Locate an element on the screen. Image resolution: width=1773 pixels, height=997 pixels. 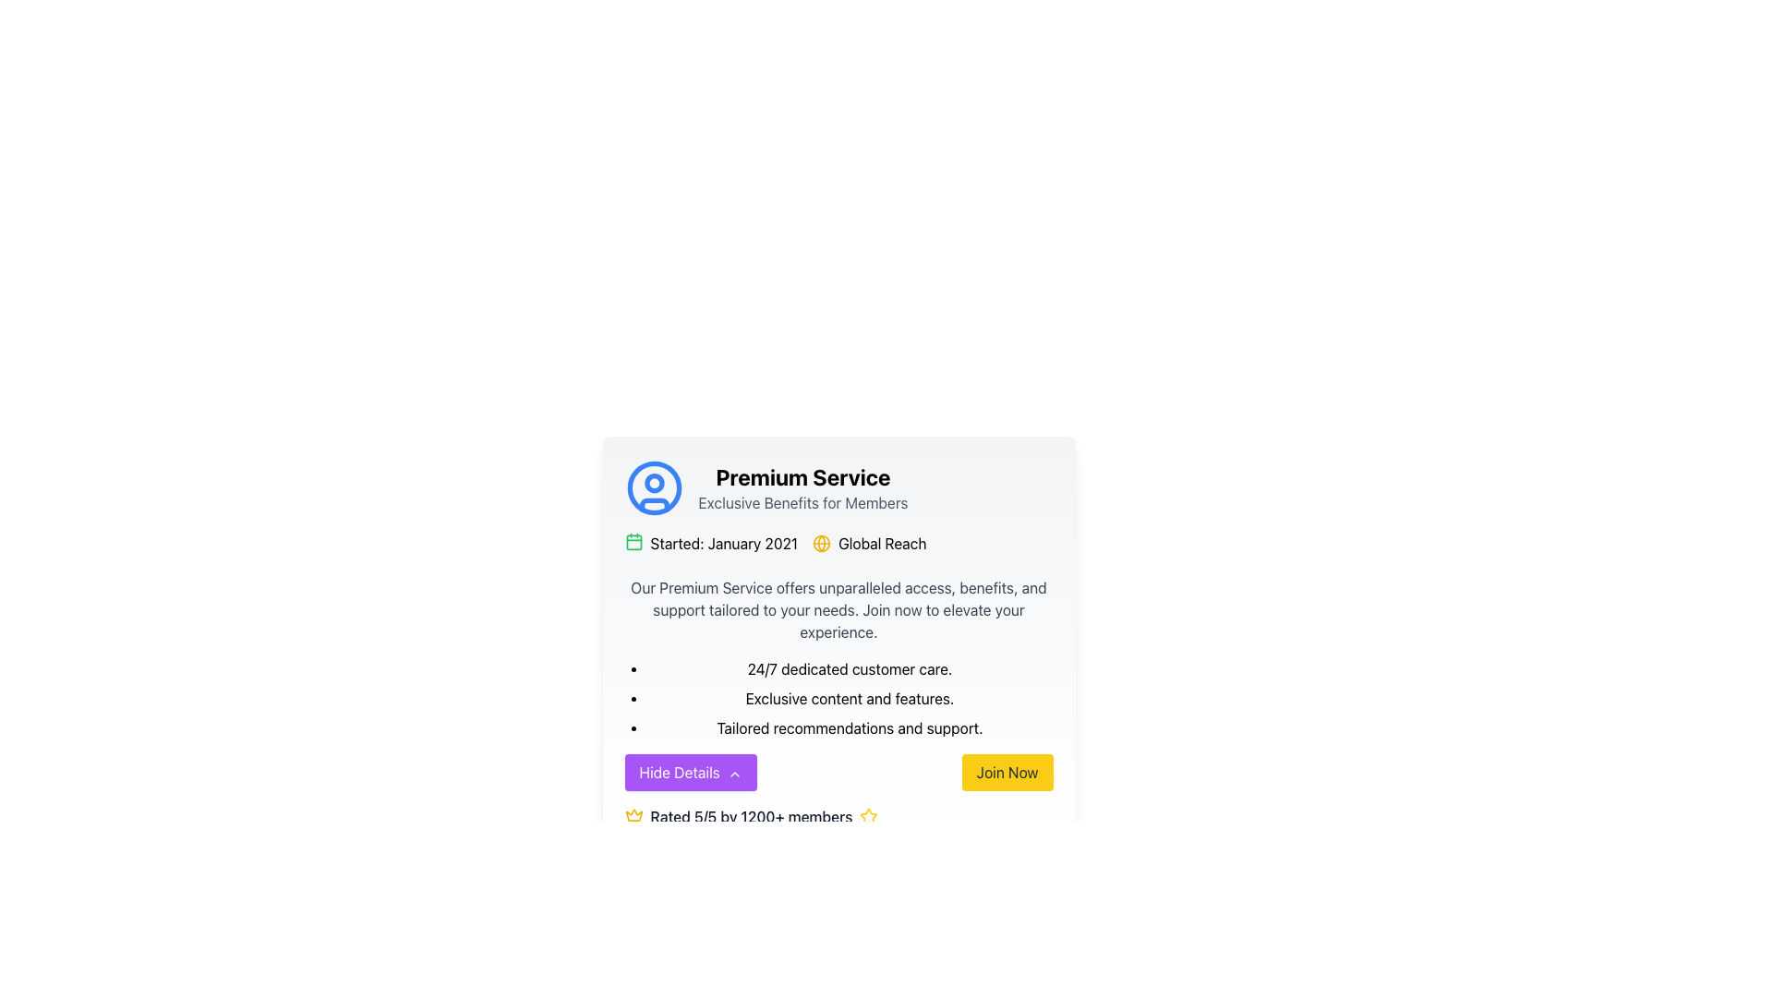
the text block that displays: 'Our Premium Service offers unparalleled access, benefits, and support tailored to your needs. Join now to elevate your experience.' is located at coordinates (838, 609).